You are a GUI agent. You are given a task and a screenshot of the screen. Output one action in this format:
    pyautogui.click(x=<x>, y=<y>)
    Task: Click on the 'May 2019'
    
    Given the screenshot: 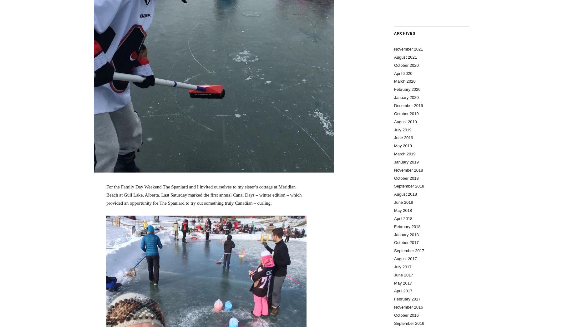 What is the action you would take?
    pyautogui.click(x=403, y=145)
    